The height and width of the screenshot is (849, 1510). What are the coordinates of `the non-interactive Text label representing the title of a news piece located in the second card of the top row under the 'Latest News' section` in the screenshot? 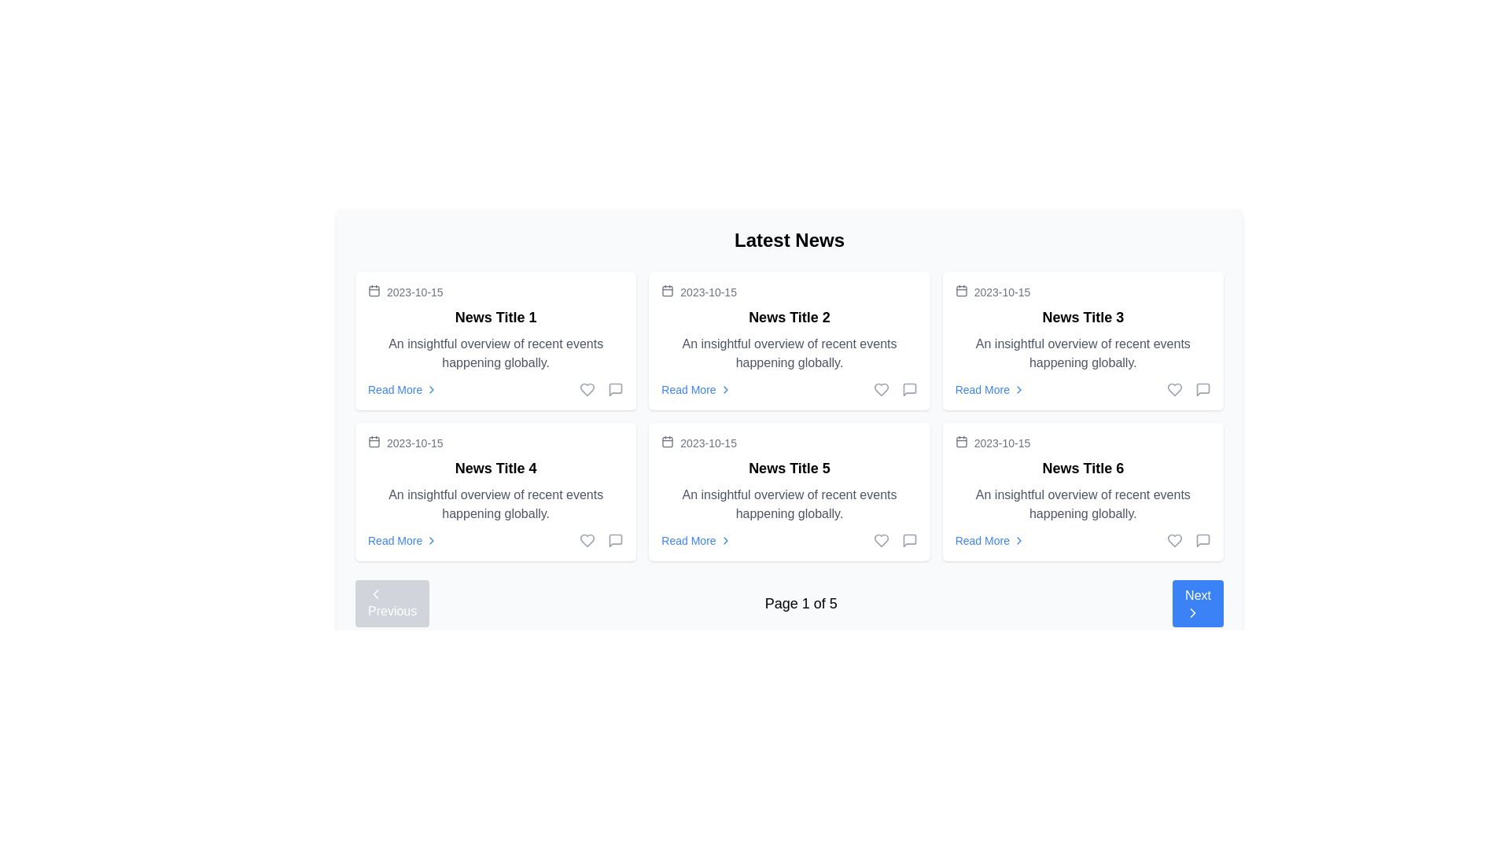 It's located at (789, 318).